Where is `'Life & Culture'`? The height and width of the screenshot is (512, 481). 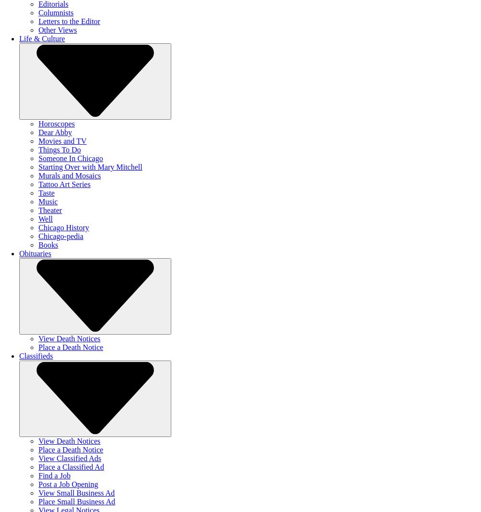 'Life & Culture' is located at coordinates (41, 38).